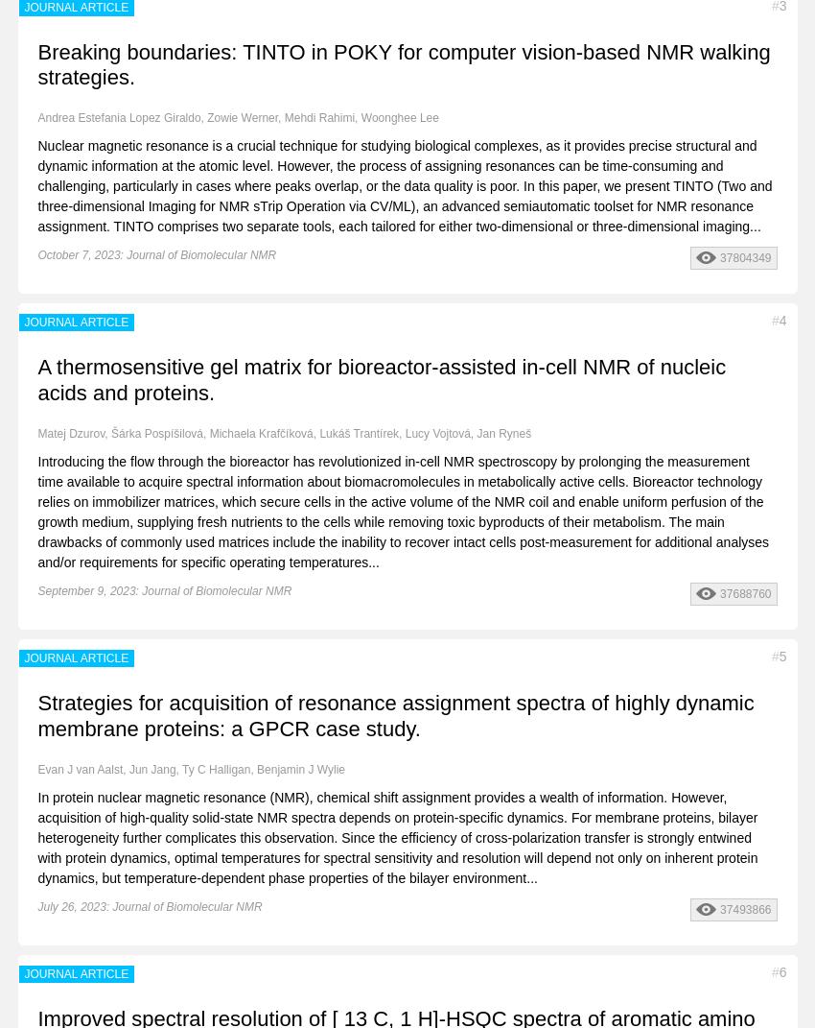 This screenshot has width=815, height=1028. Describe the element at coordinates (403, 511) in the screenshot. I see `'Introducing the flow through the bioreactor has revolutionized in-cell NMR spectroscopy by prolonging the measurement time available to acquire spectral information about biomacromolecules in metabolically active cells. Bioreactor technology relies on immobilizer matrices, which secure cells in the active volume of the NMR coil and enable uniform perfusion of the growth medium, supplying fresh nutrients to the cells while removing toxic byproducts of their metabolism. The main drawbacks of commonly used matrices include the inability to recover intact cells post-measurement for additional analyses and/or requirements for specific operating temperatures...'` at that location.